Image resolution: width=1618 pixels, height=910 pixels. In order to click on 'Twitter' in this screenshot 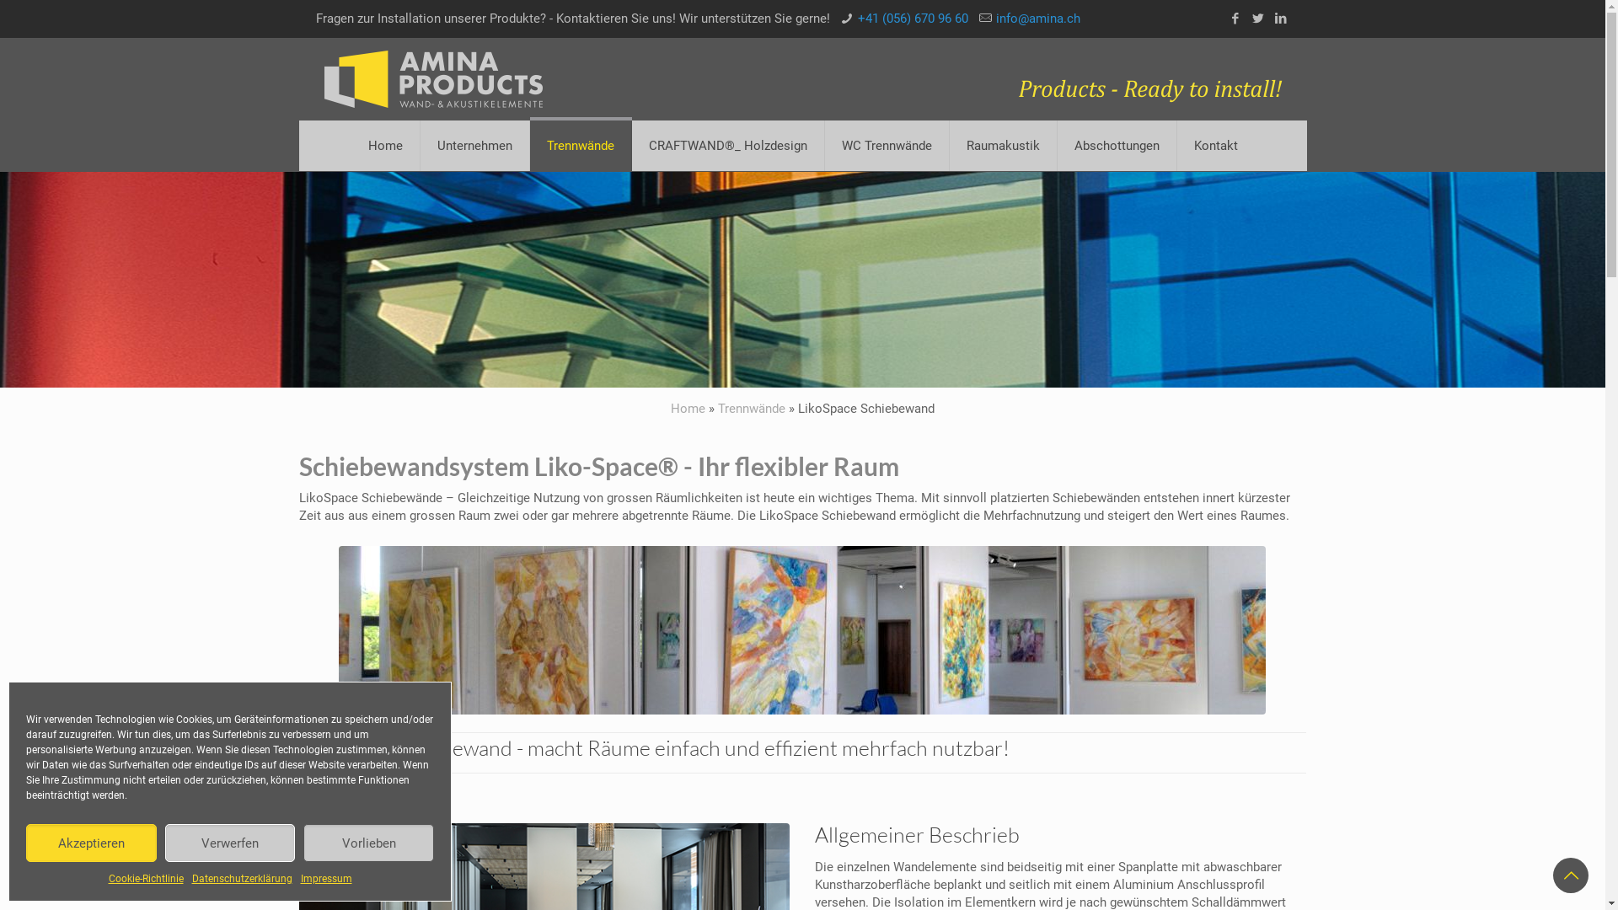, I will do `click(1257, 19)`.